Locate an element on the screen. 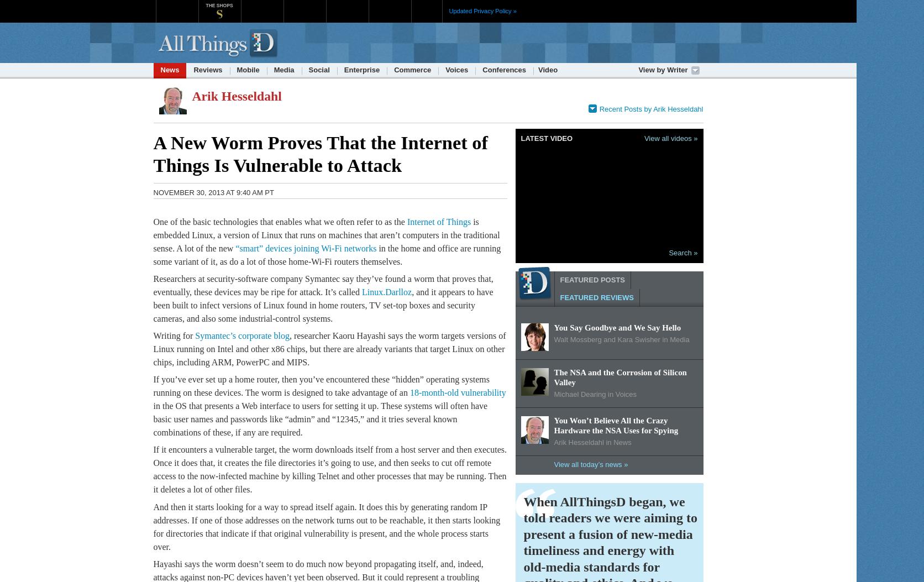  'And then it starts looking for a way to spread itself again. It does this by generating random IP addresses. If one of those addresses on the network turns out to be reachable, it then starts looking for directories that indicate if that original vulnerability is present, and the whole process starts over.' is located at coordinates (326, 526).